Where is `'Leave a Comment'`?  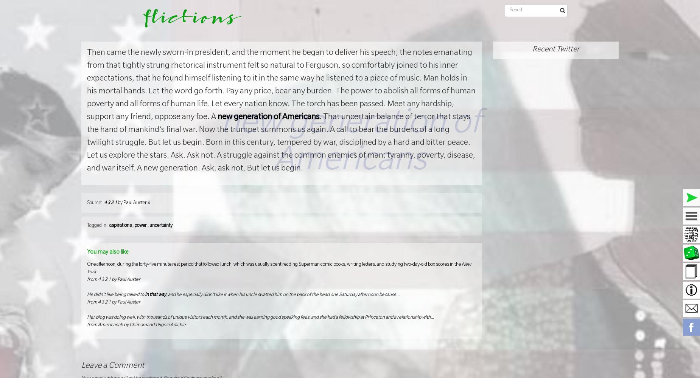
'Leave a Comment' is located at coordinates (112, 366).